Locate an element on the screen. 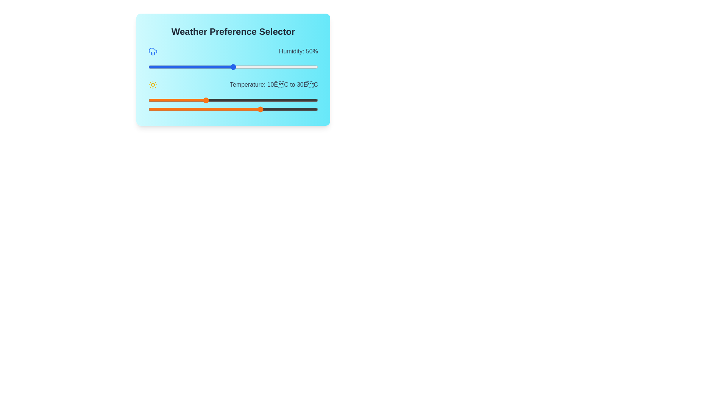  the humidity slider to 9% is located at coordinates (163, 67).